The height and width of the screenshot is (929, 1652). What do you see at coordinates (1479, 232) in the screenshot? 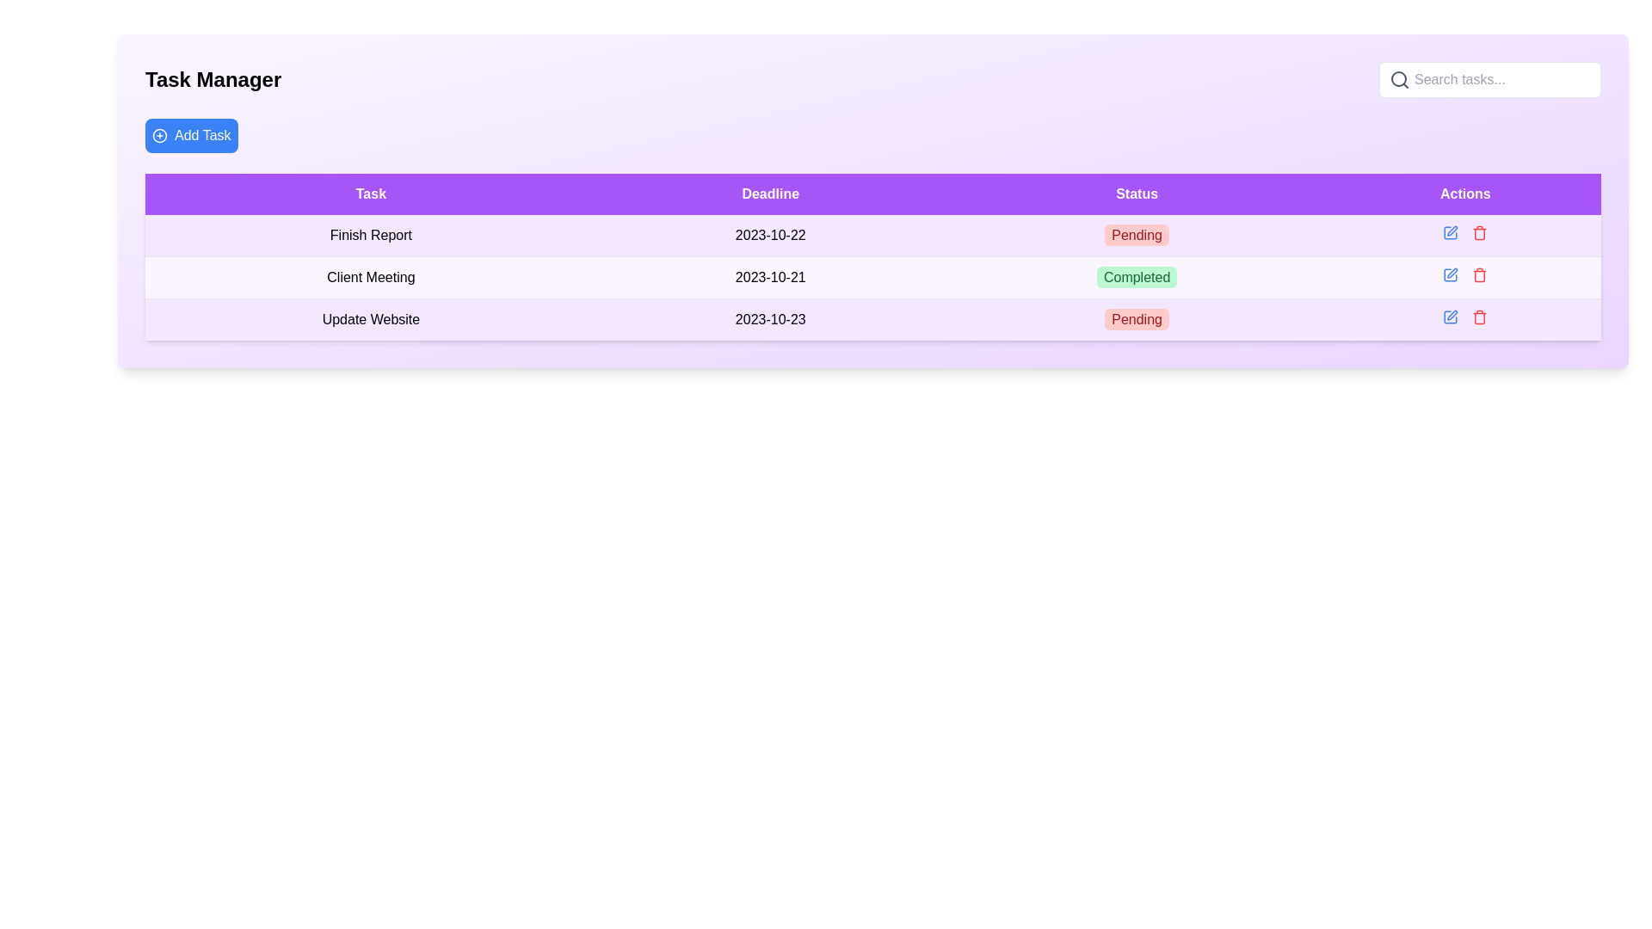
I see `the red trash icon, which is the second interactive icon in the actions column for the 'Update Website' task` at bounding box center [1479, 232].